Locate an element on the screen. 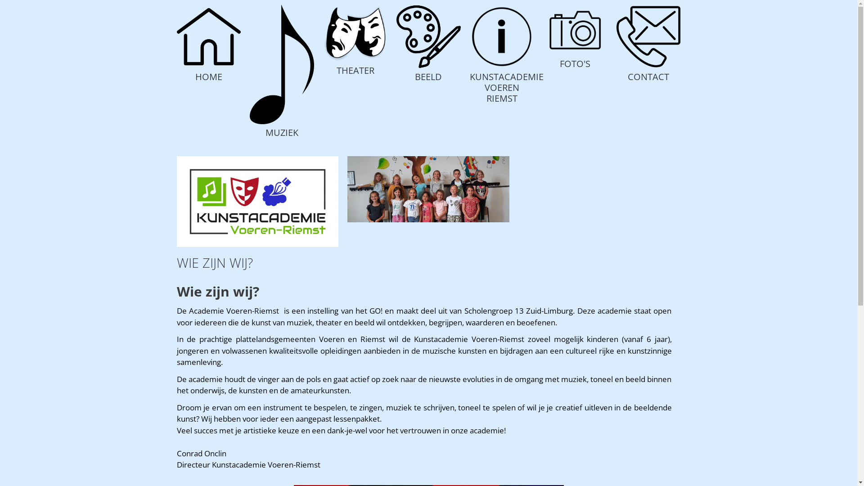 The width and height of the screenshot is (864, 486). 'KUNSTACADEMIE VOEREN RIEMST' is located at coordinates (507, 87).